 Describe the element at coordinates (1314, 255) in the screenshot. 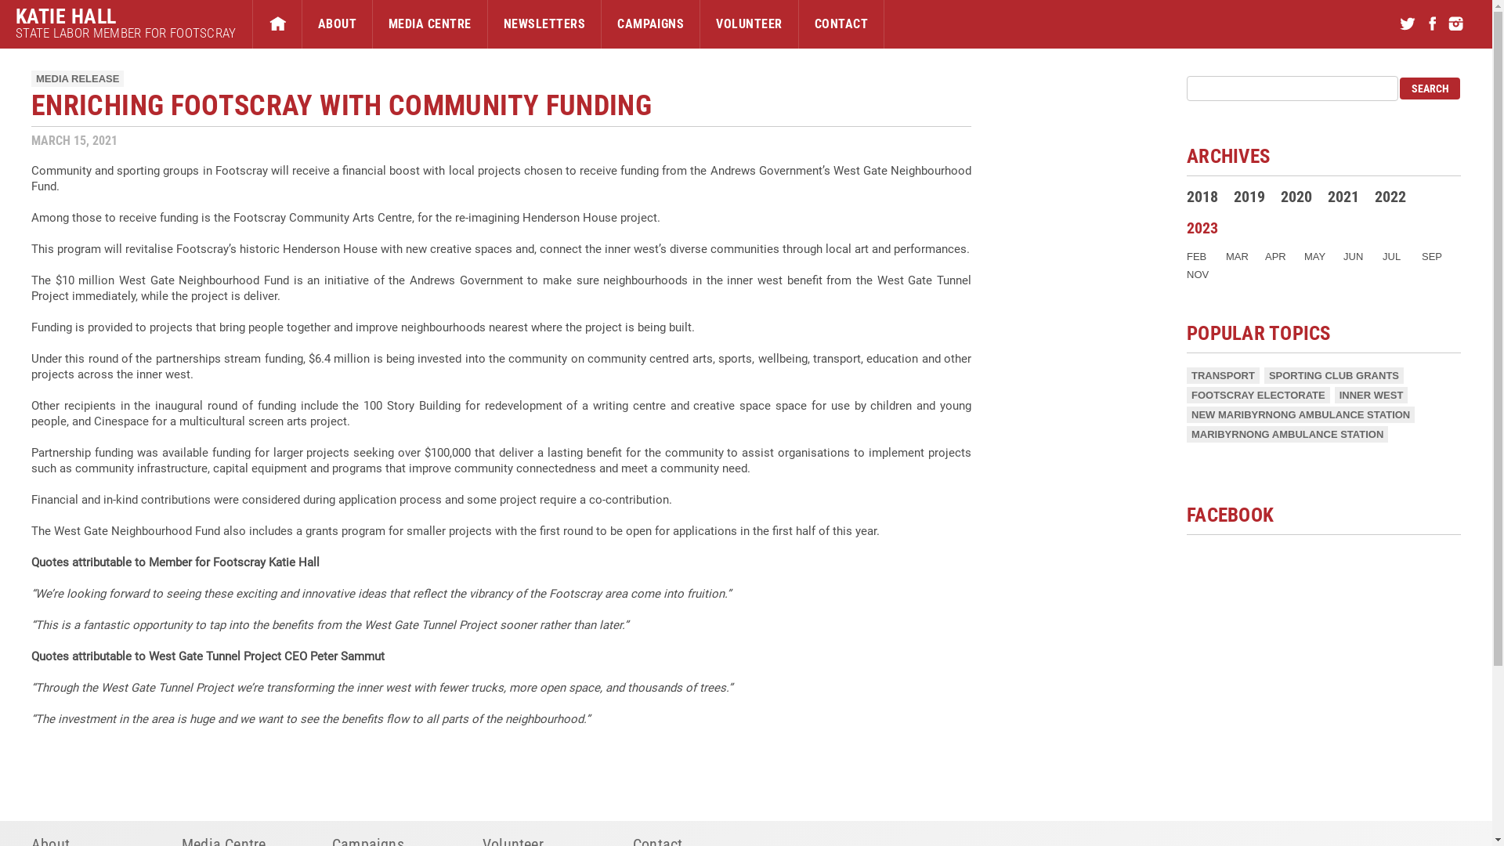

I see `'MAY'` at that location.